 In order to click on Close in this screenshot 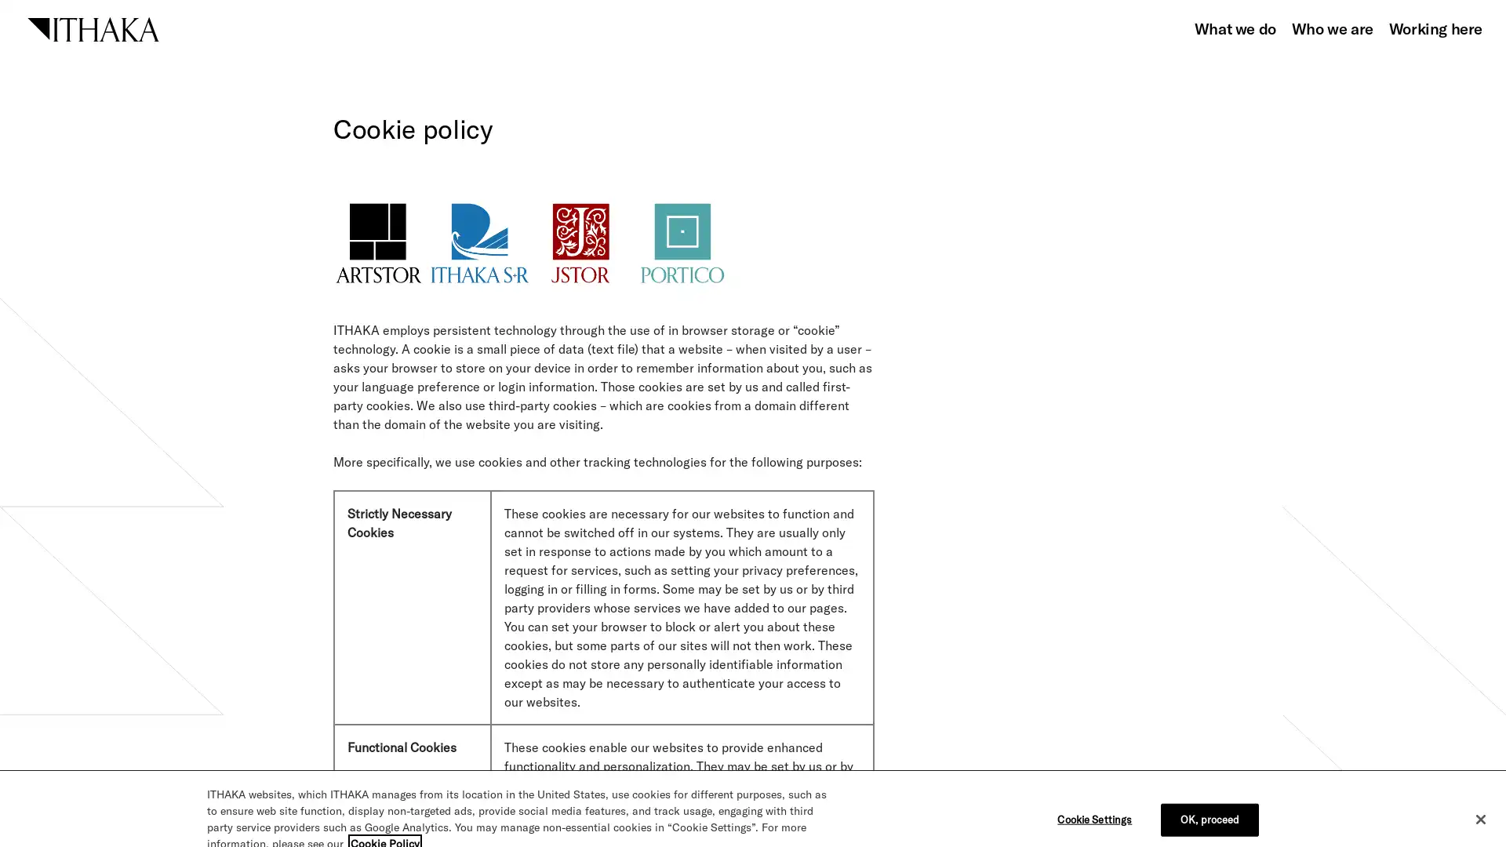, I will do `click(1479, 795)`.